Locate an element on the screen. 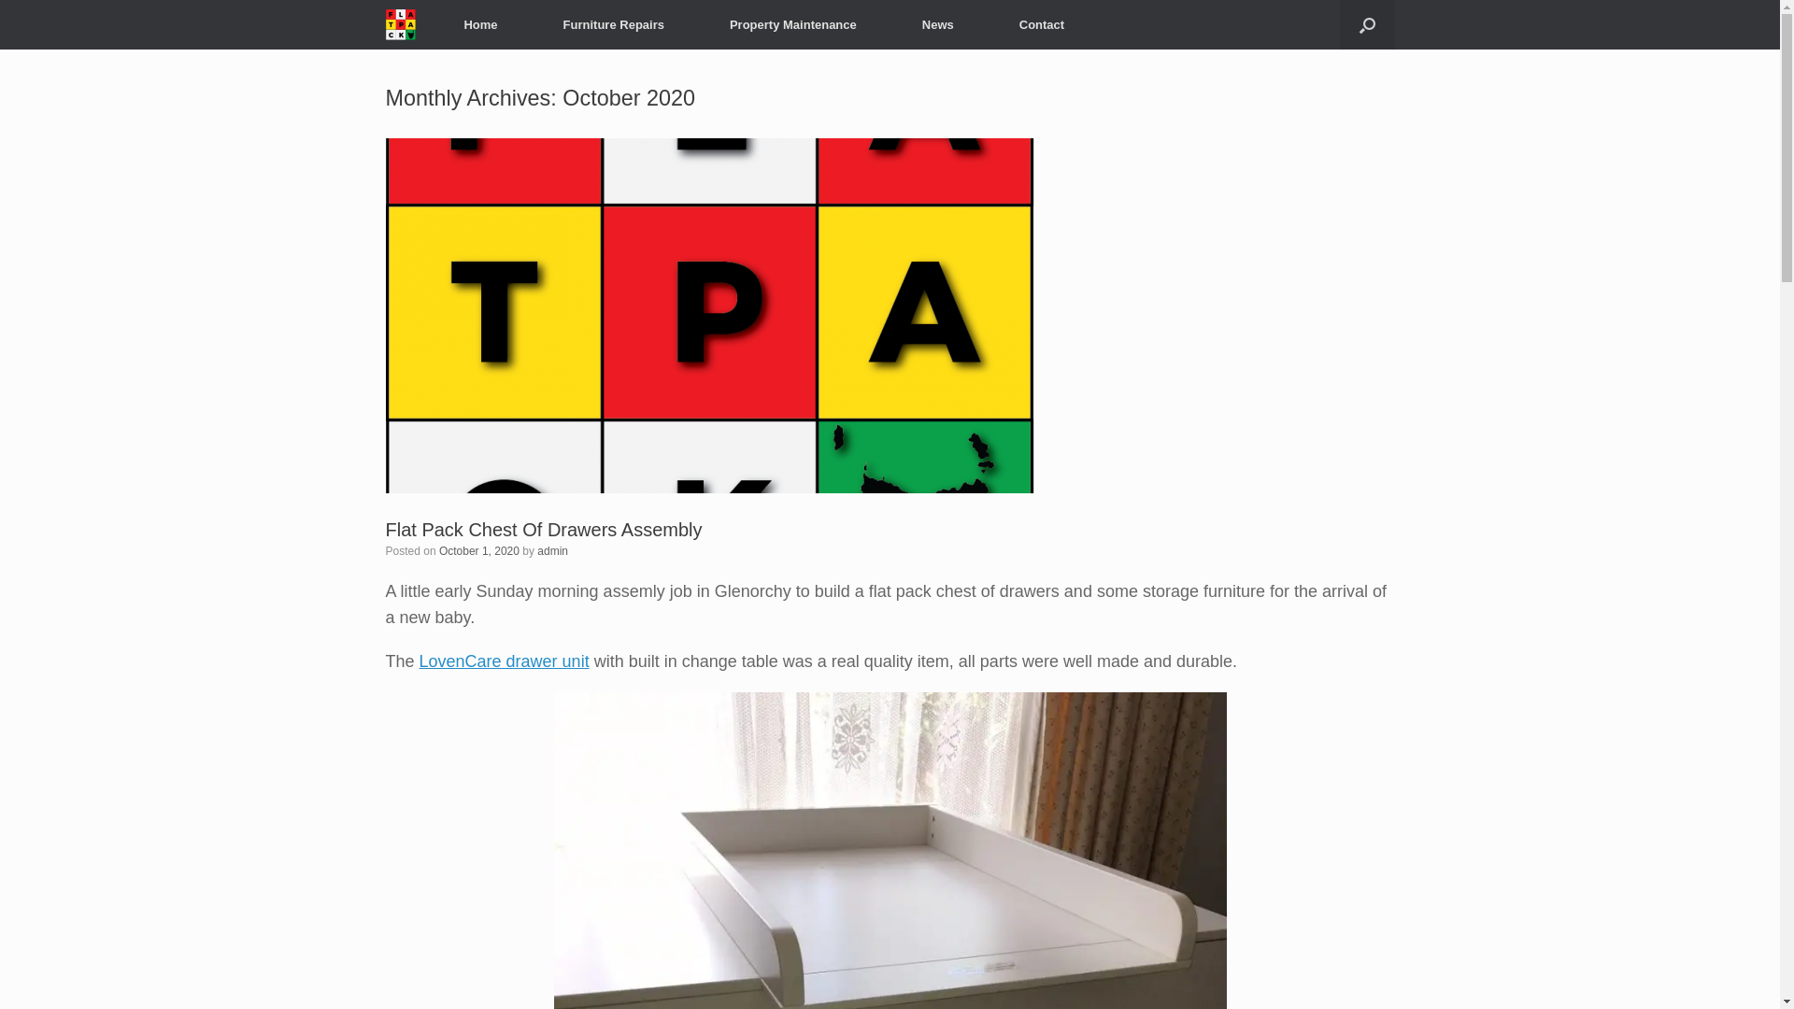 This screenshot has width=1794, height=1009. 'Flat Pack Tasmania' is located at coordinates (399, 24).